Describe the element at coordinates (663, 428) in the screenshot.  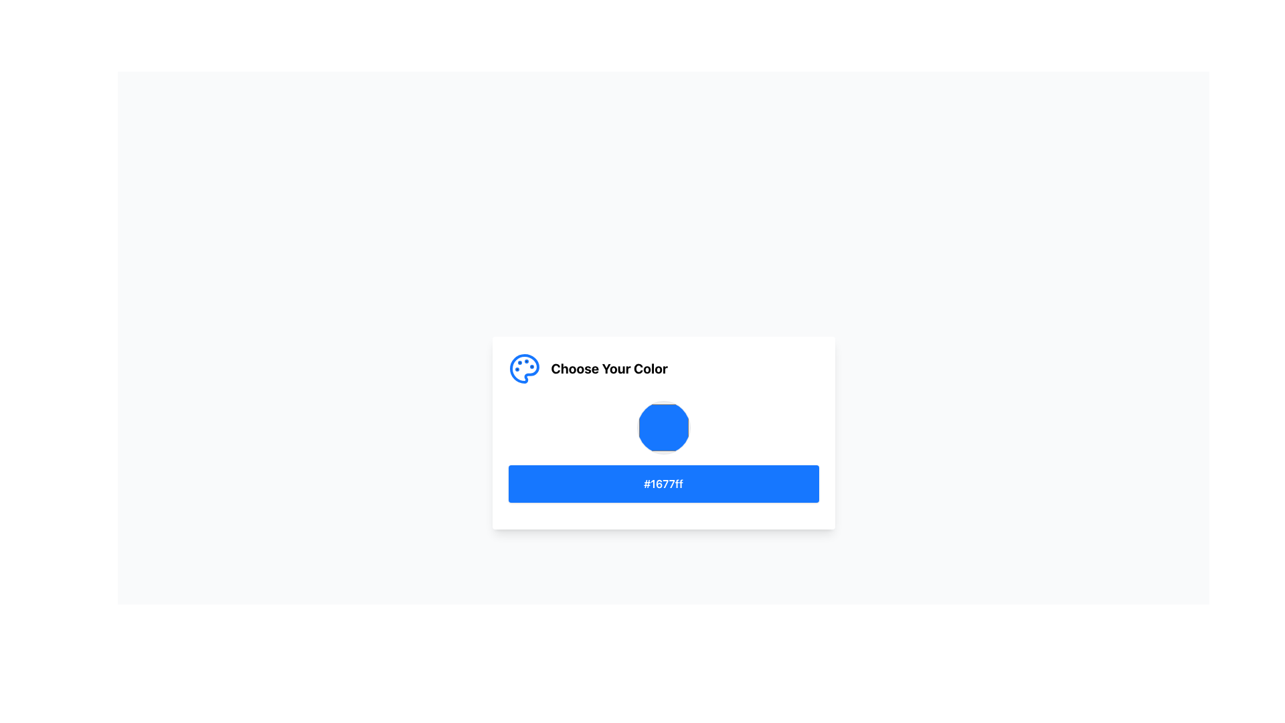
I see `the circular color selector with the color '#1677ff' from the 'Choose Your Color' panel` at that location.